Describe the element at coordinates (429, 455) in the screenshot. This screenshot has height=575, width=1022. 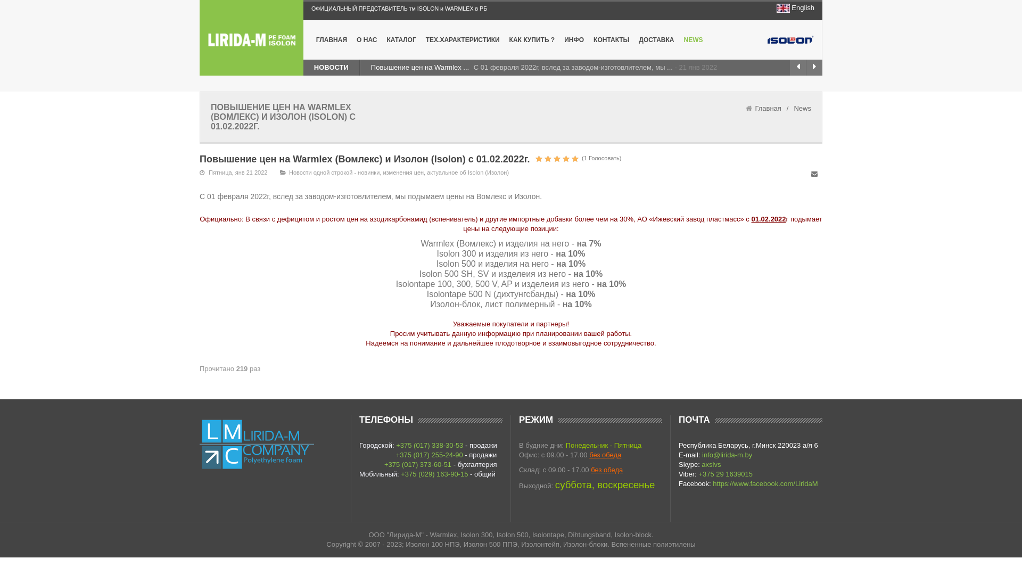
I see `'+375 (017) 255-24-90'` at that location.